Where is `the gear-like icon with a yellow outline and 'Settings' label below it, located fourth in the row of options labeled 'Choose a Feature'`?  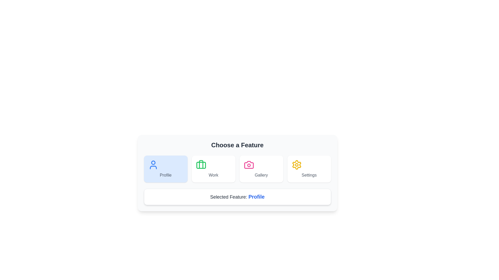
the gear-like icon with a yellow outline and 'Settings' label below it, located fourth in the row of options labeled 'Choose a Feature' is located at coordinates (297, 165).